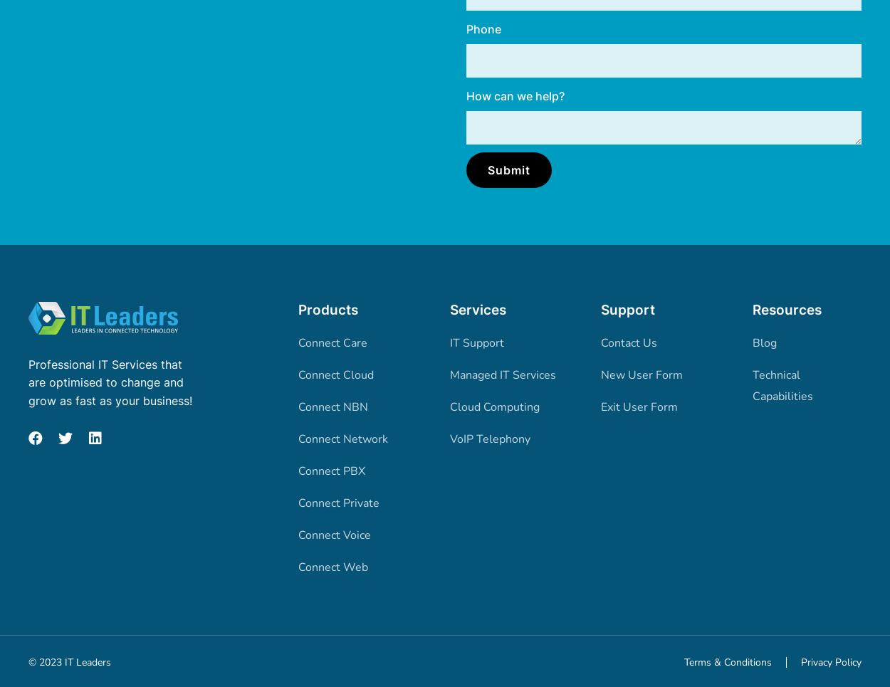 The image size is (890, 687). What do you see at coordinates (642, 374) in the screenshot?
I see `'New User Form'` at bounding box center [642, 374].